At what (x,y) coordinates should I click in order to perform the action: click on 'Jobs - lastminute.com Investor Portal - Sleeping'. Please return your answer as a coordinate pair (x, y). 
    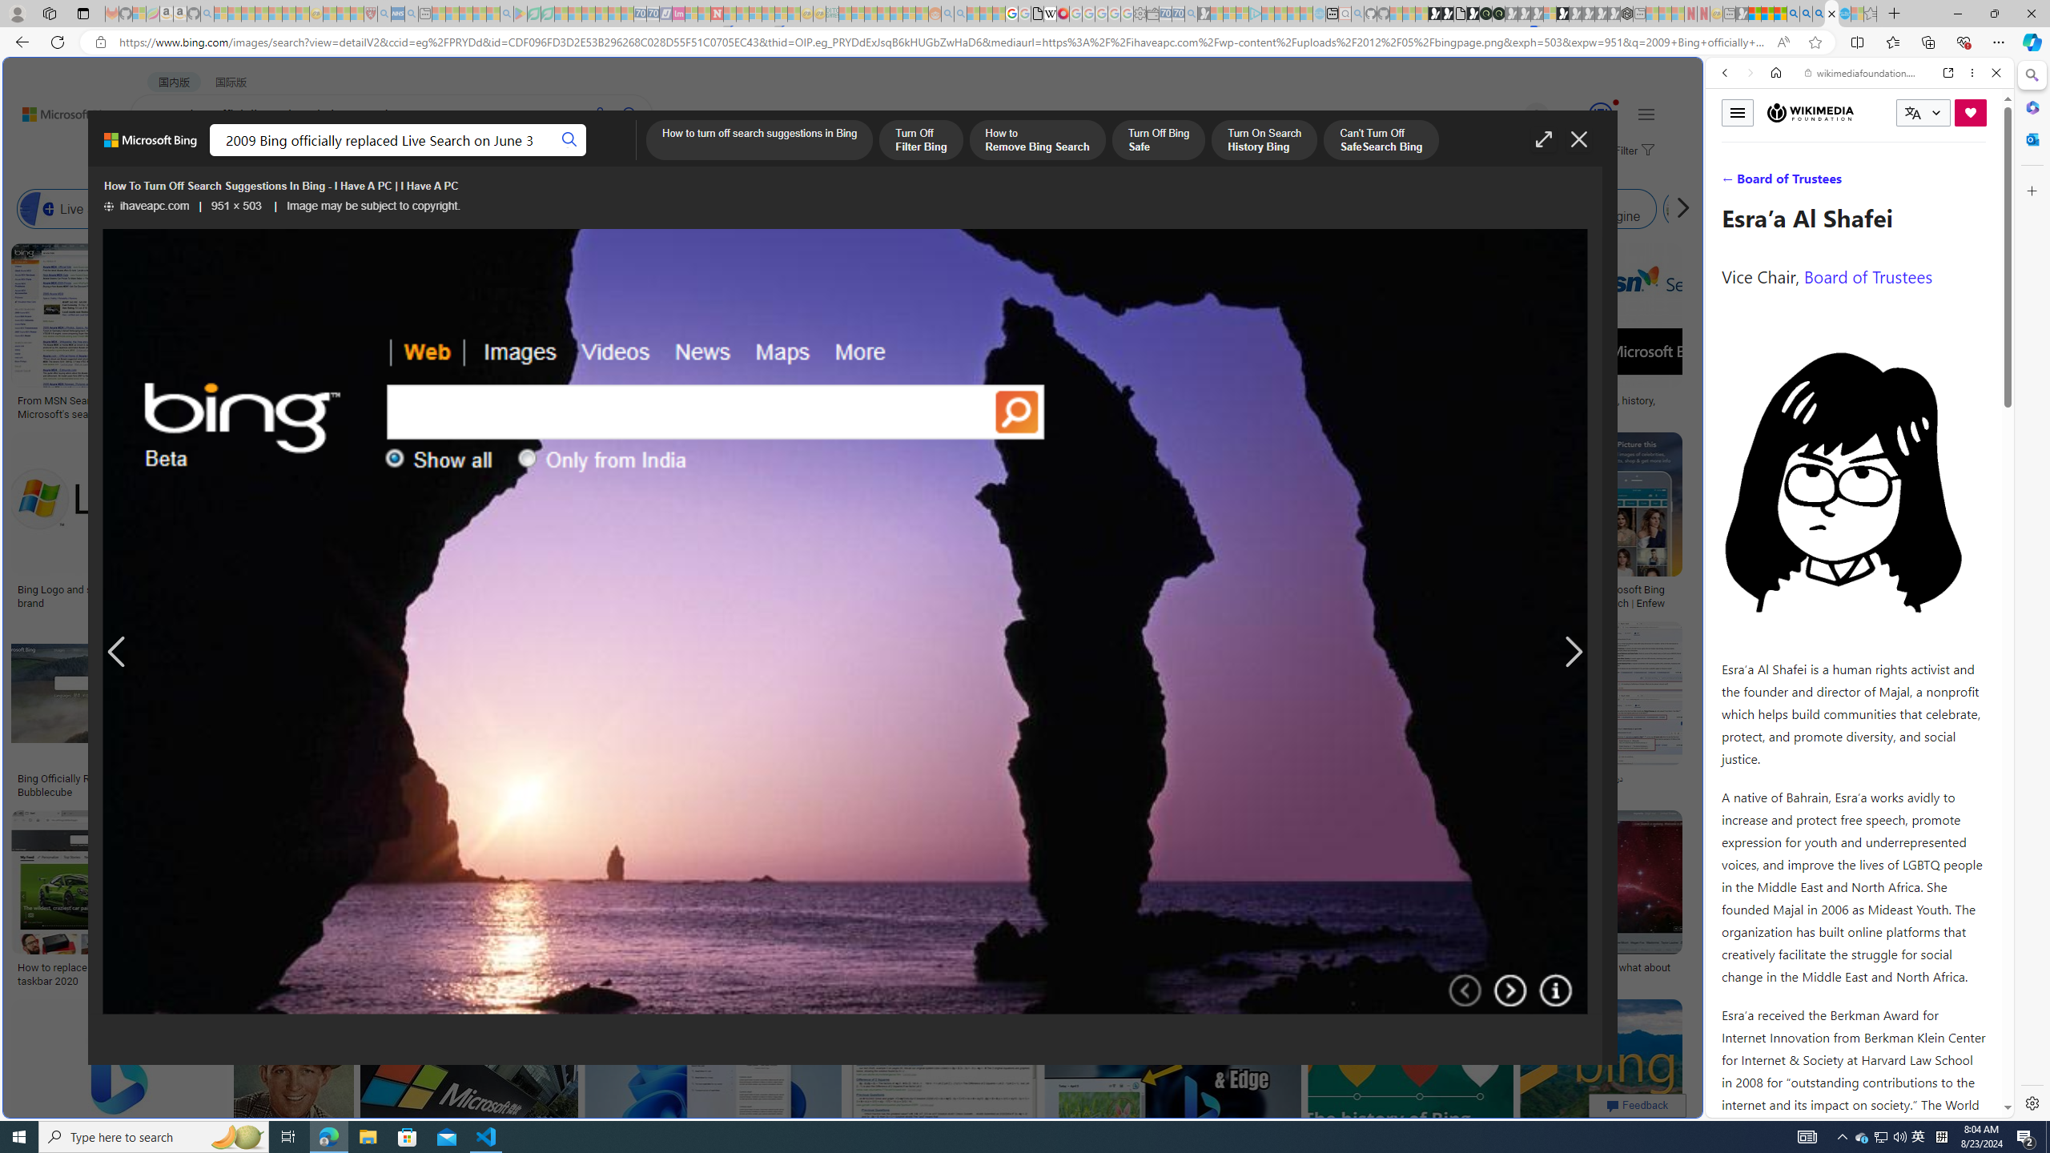
    Looking at the image, I should click on (678, 13).